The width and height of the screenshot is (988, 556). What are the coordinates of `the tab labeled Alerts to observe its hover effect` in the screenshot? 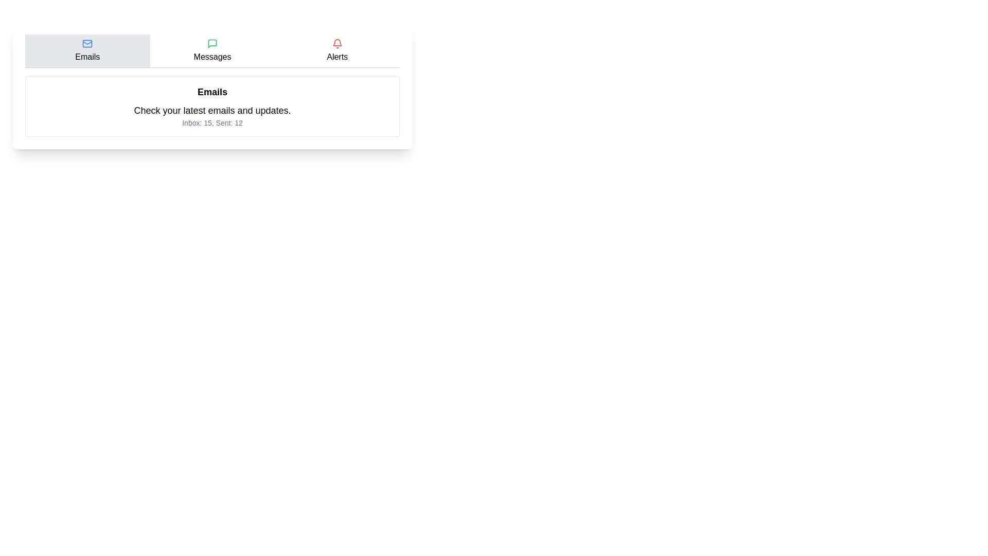 It's located at (338, 51).